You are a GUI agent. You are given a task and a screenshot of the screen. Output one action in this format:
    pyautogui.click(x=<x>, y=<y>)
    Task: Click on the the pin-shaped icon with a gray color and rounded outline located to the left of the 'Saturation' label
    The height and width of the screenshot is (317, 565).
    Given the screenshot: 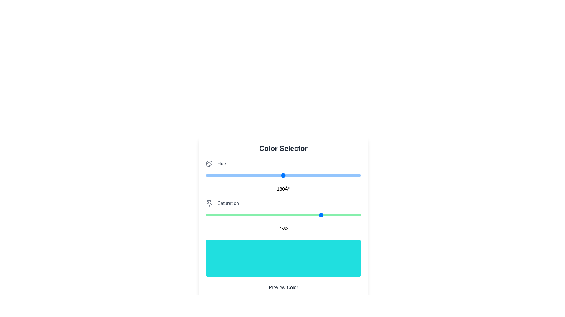 What is the action you would take?
    pyautogui.click(x=209, y=203)
    